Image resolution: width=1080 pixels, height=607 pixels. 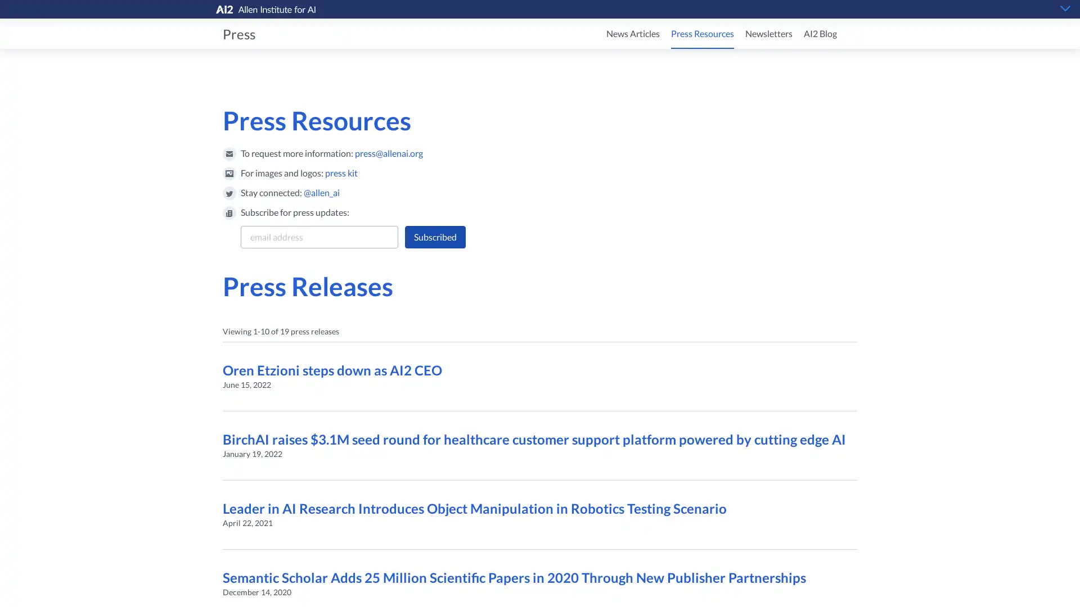 I want to click on Subscribed, so click(x=434, y=236).